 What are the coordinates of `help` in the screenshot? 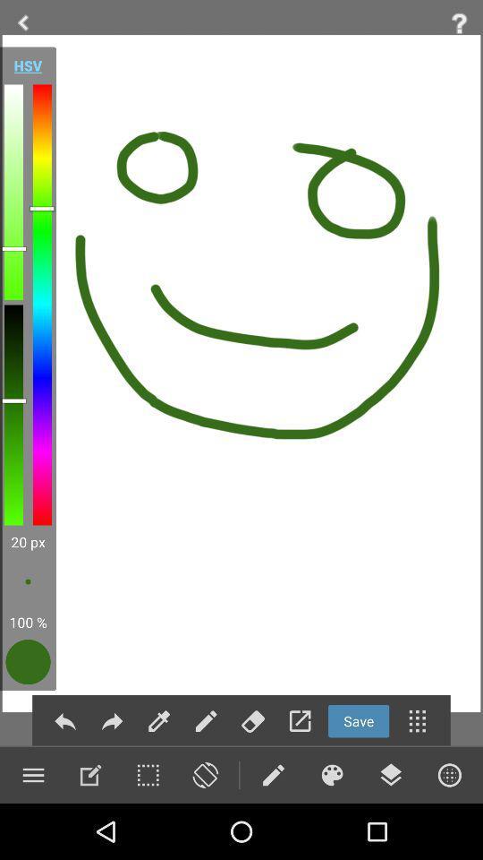 It's located at (459, 22).